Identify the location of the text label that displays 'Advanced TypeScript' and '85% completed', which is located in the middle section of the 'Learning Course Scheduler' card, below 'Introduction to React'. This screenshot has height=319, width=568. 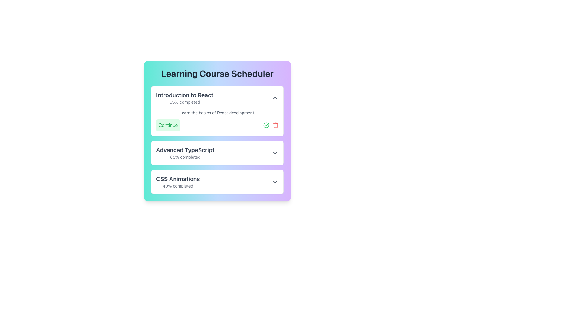
(185, 152).